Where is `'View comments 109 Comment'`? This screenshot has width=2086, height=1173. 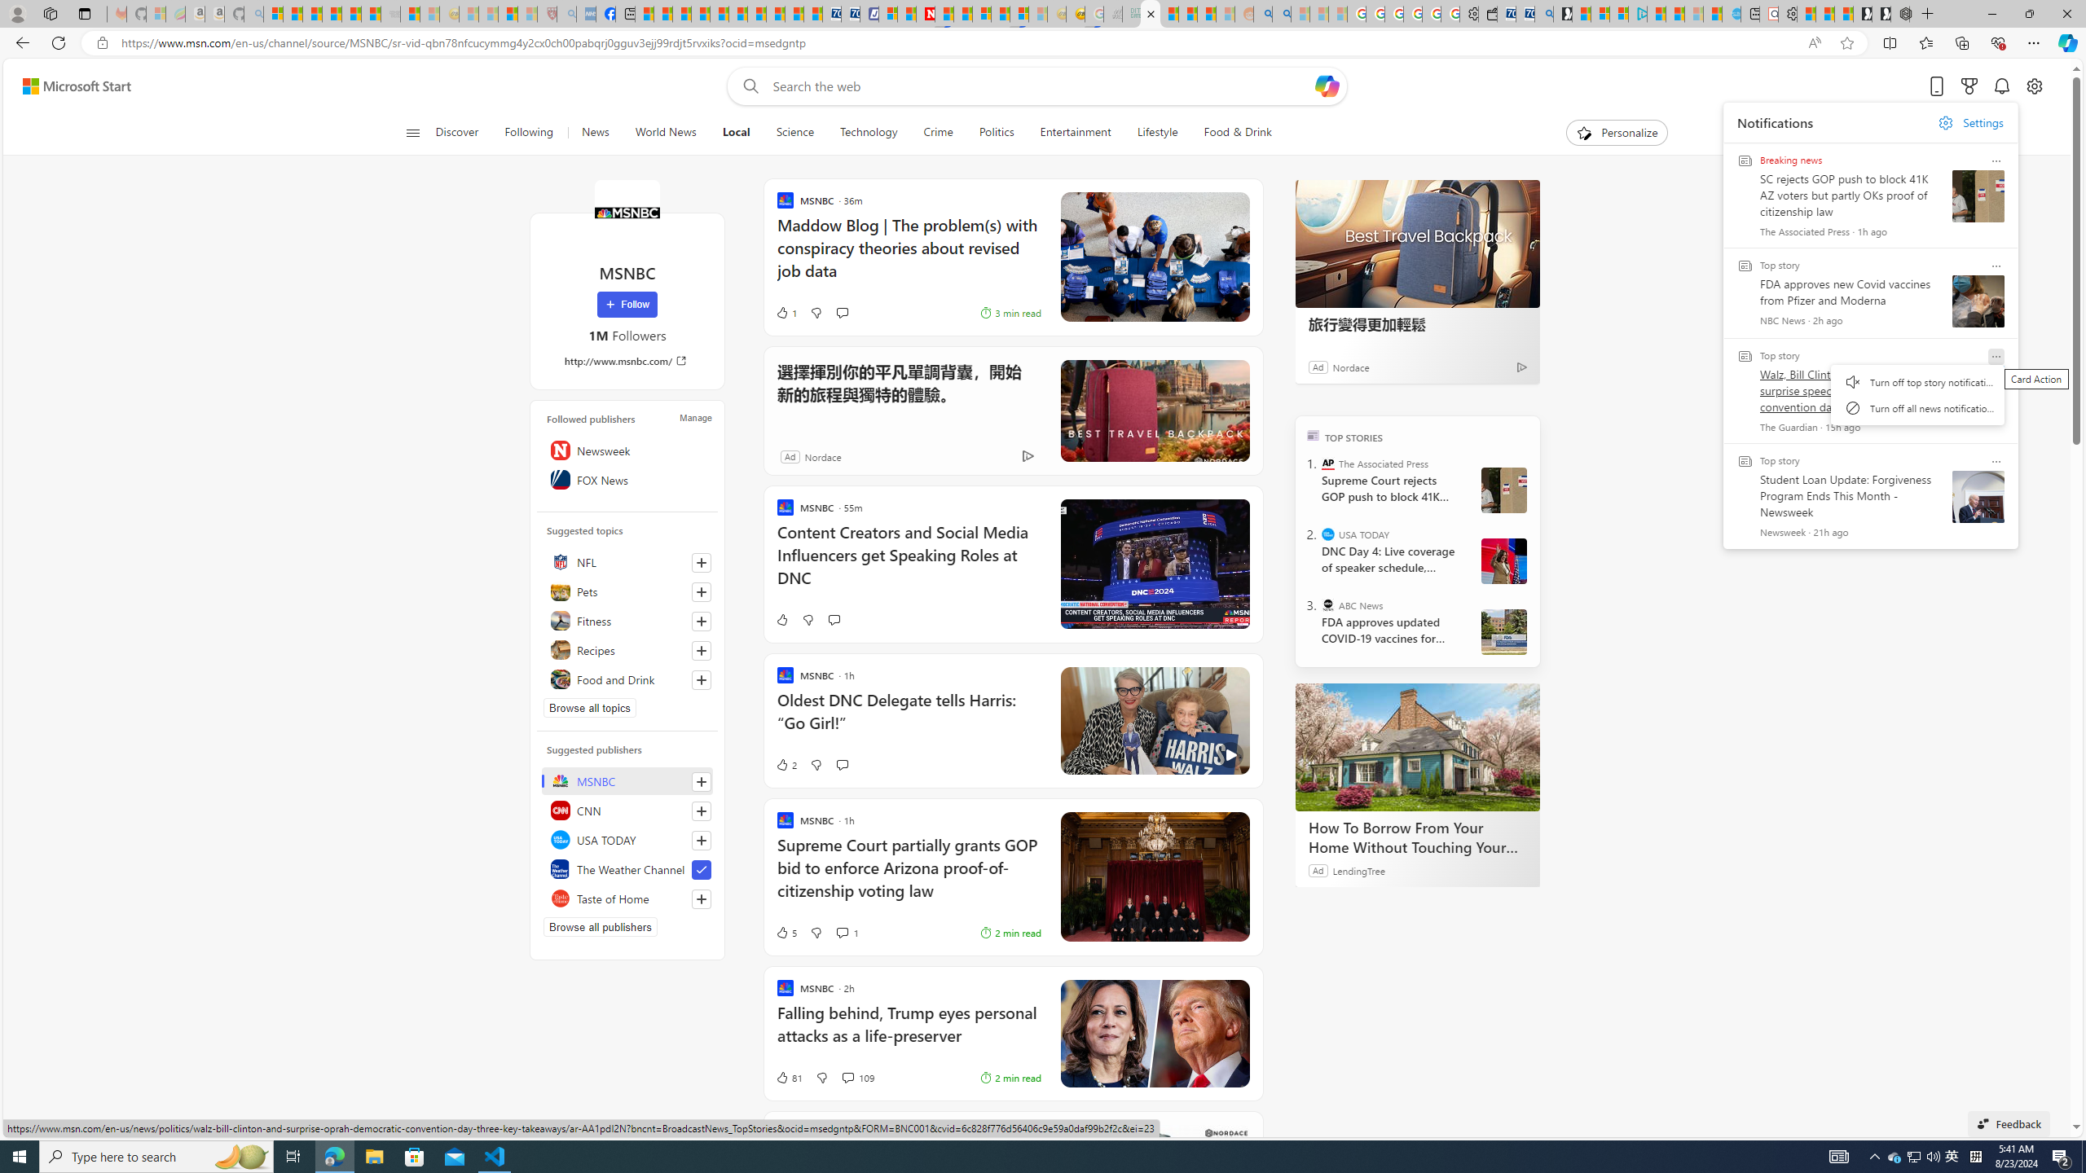 'View comments 109 Comment' is located at coordinates (847, 1076).